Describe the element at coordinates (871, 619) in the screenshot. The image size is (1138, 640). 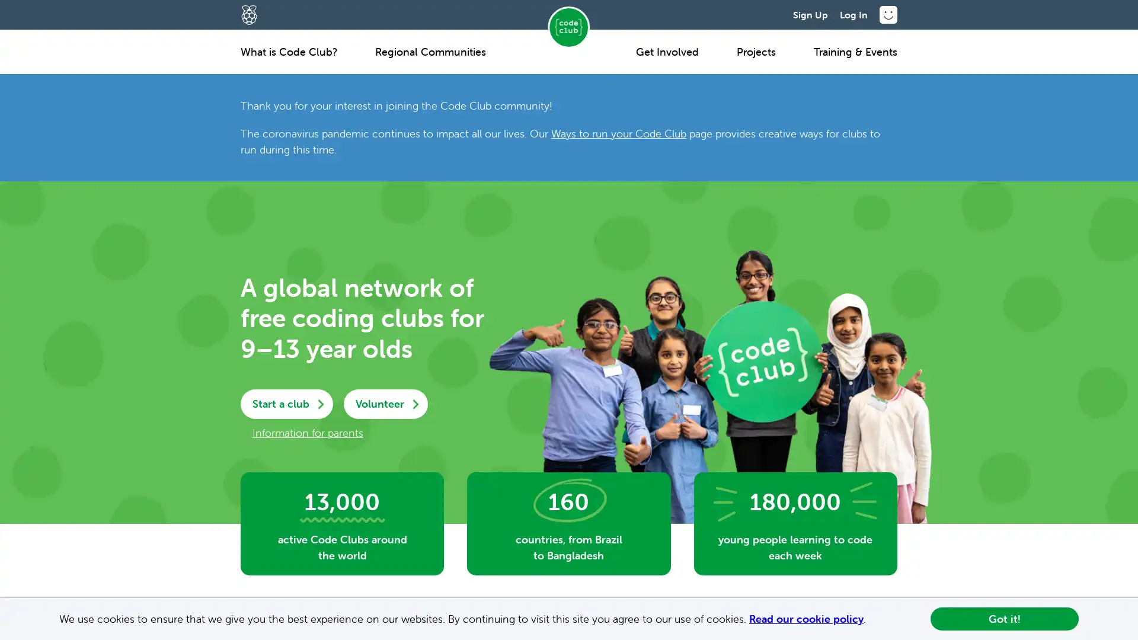
I see `learn more about cookies` at that location.